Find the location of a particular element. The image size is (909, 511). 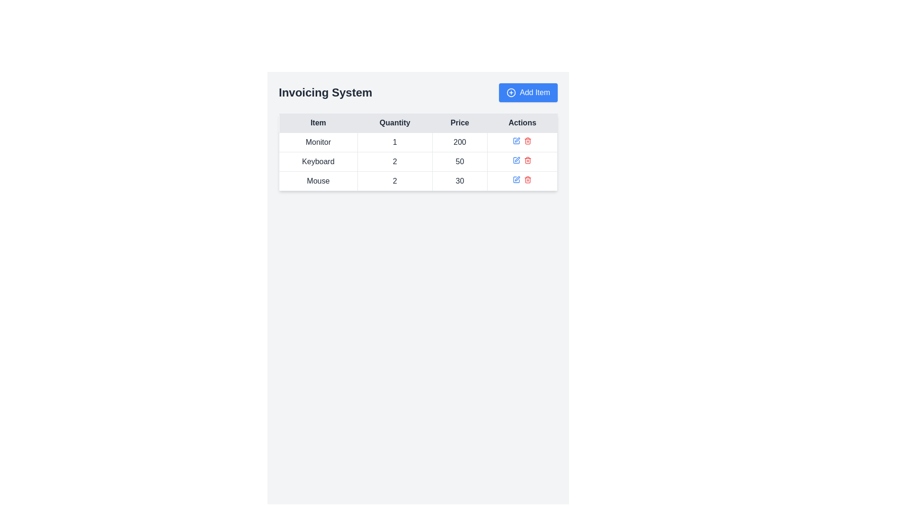

the label displaying the price for the 'Keyboard' item in the second row and third column of the table is located at coordinates (460, 161).